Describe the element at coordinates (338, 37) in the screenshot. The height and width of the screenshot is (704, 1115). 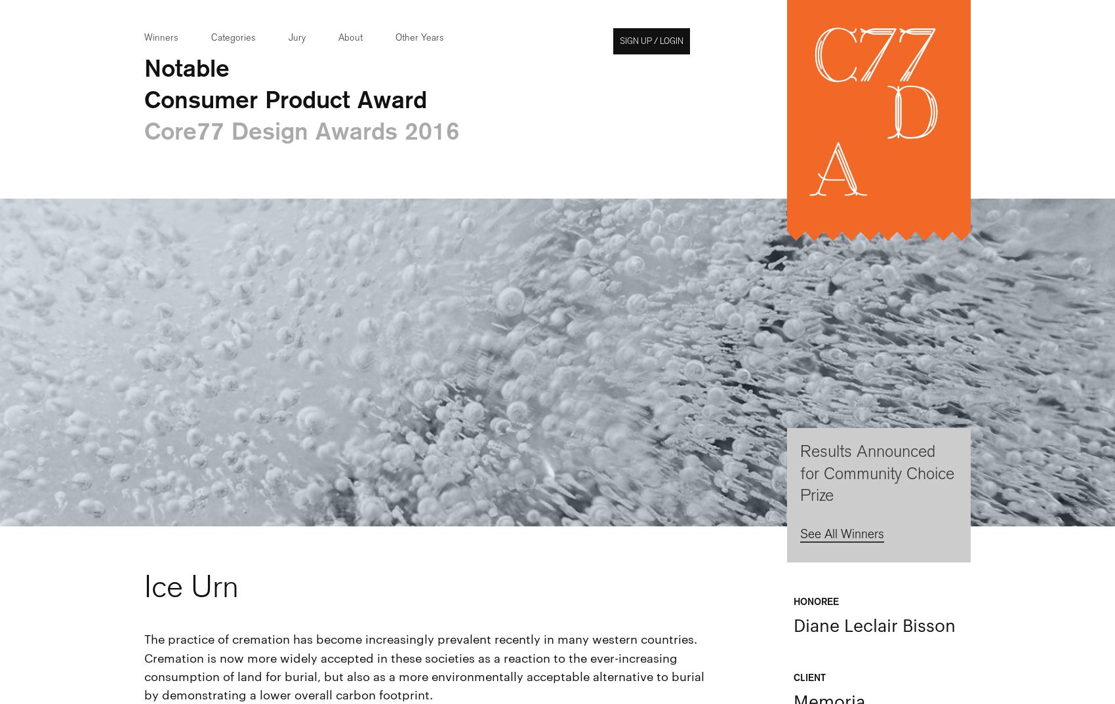
I see `'About'` at that location.